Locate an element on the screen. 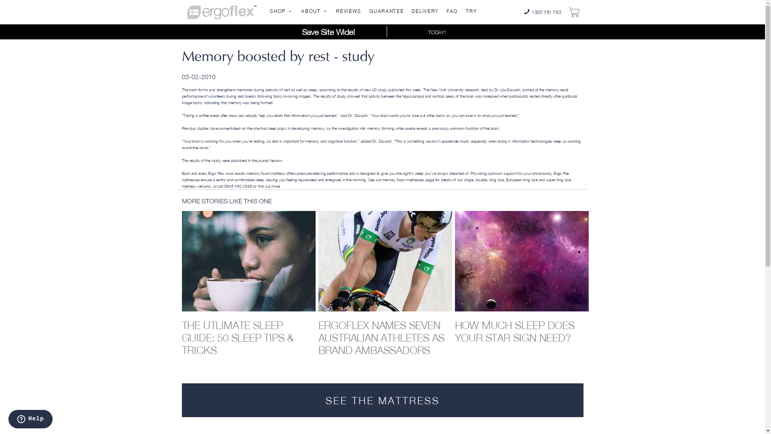  'SHOP' is located at coordinates (266, 11).